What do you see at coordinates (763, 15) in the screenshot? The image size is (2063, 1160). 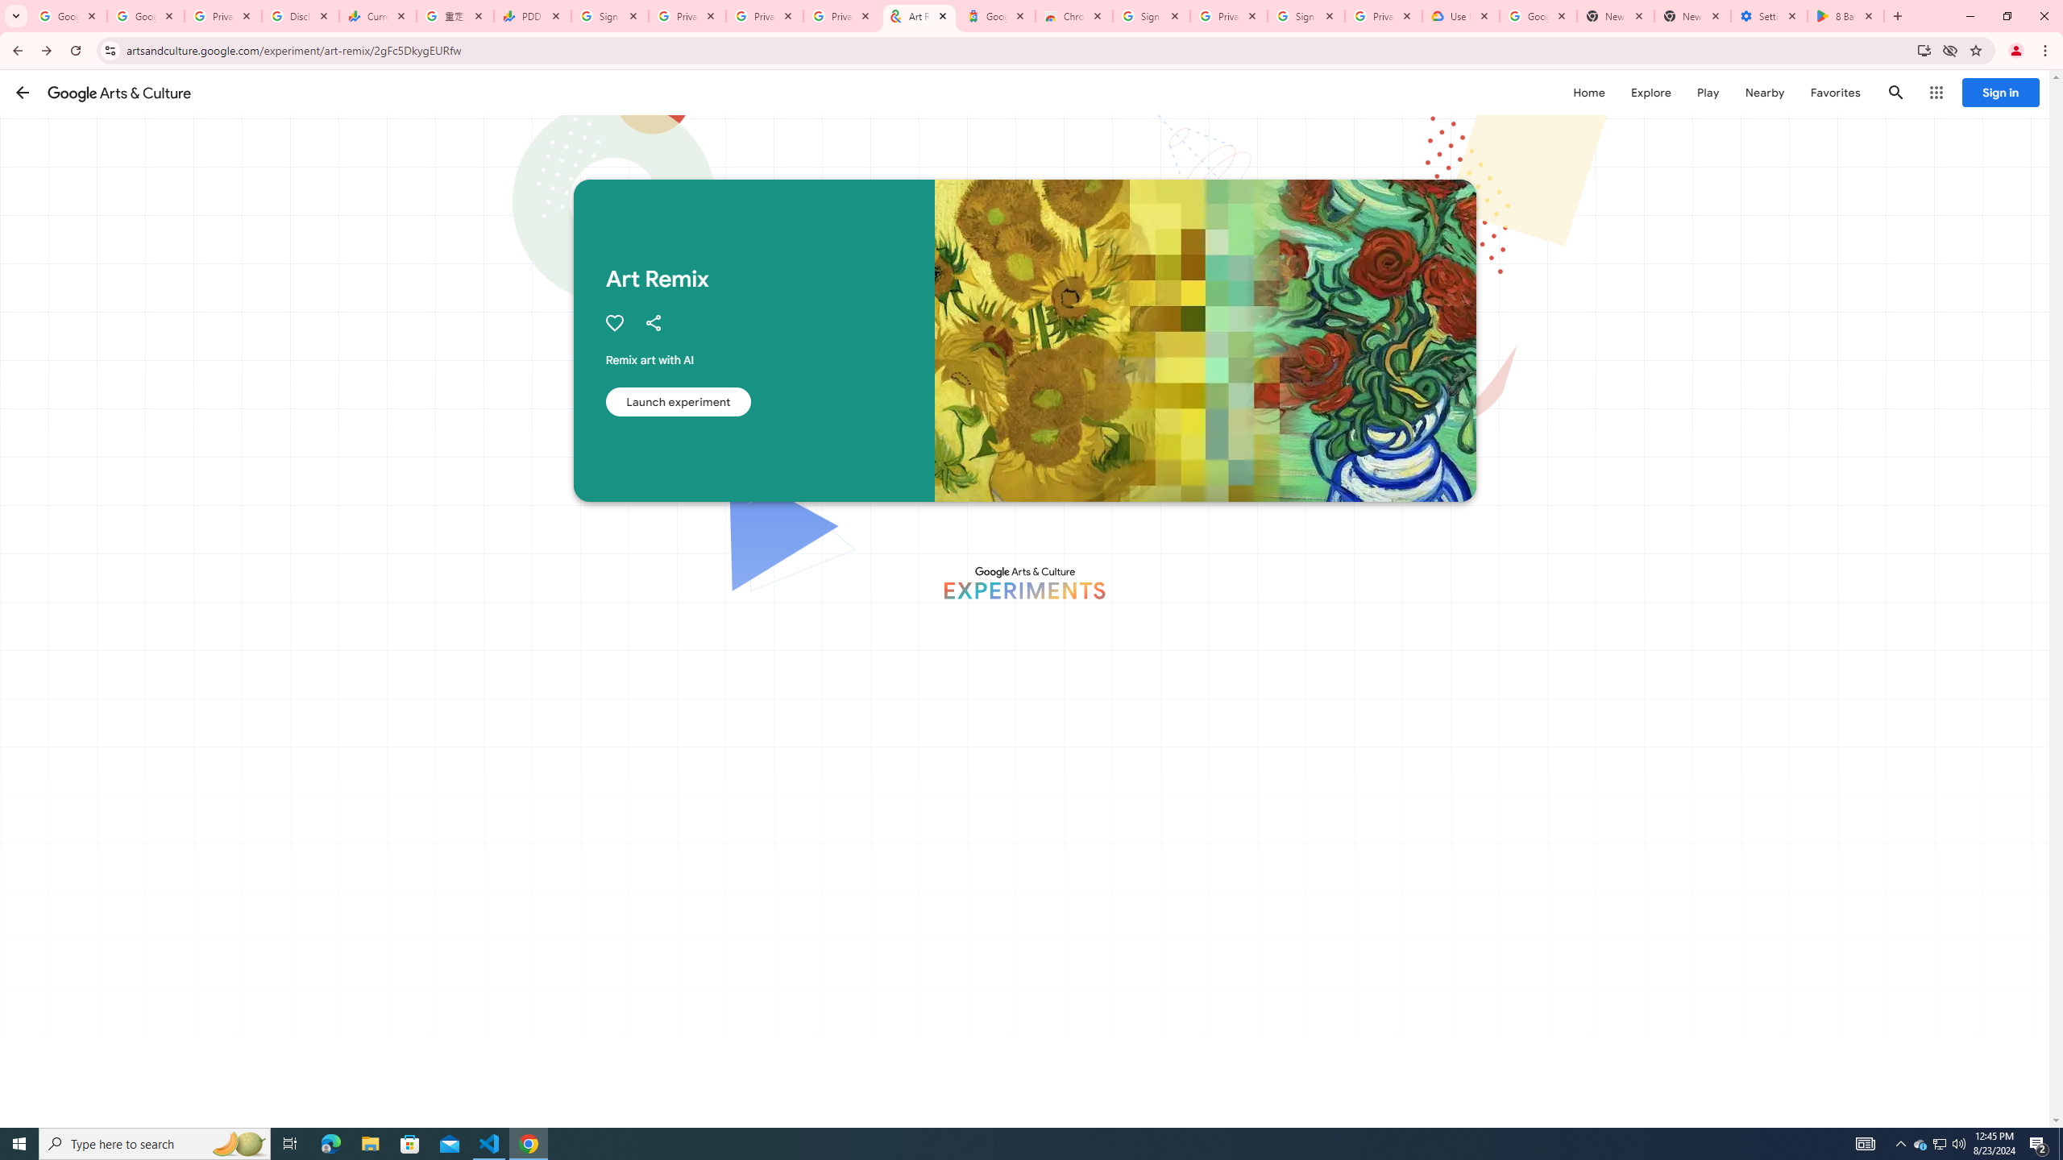 I see `'Privacy Checkup'` at bounding box center [763, 15].